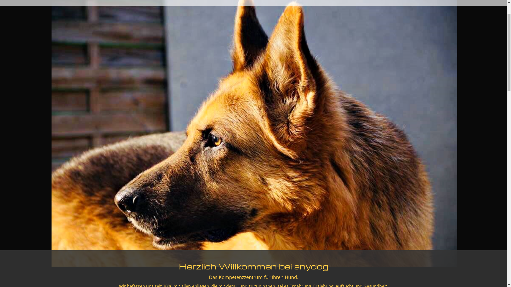 This screenshot has width=511, height=287. Describe the element at coordinates (125, 11) in the screenshot. I see `'Hundehotel'` at that location.